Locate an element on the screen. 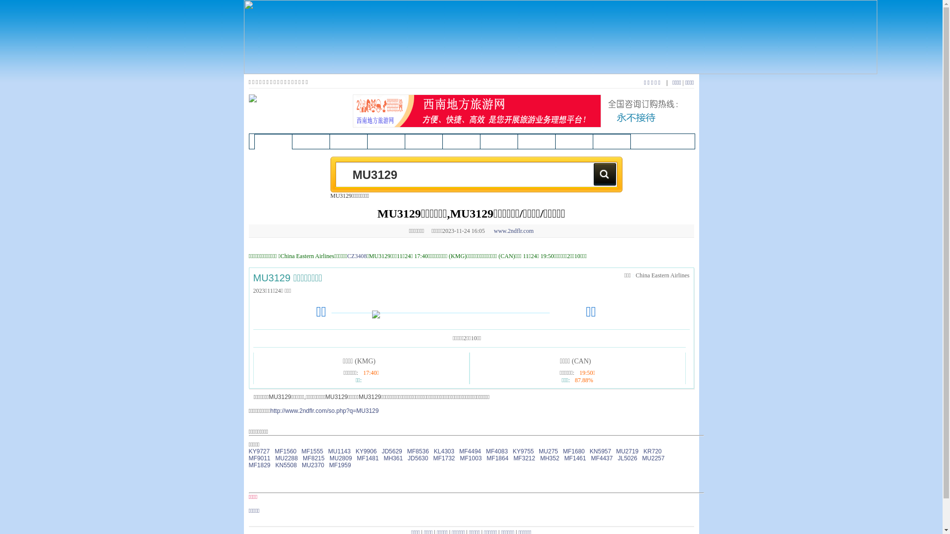  'MF1560' is located at coordinates (285, 451).